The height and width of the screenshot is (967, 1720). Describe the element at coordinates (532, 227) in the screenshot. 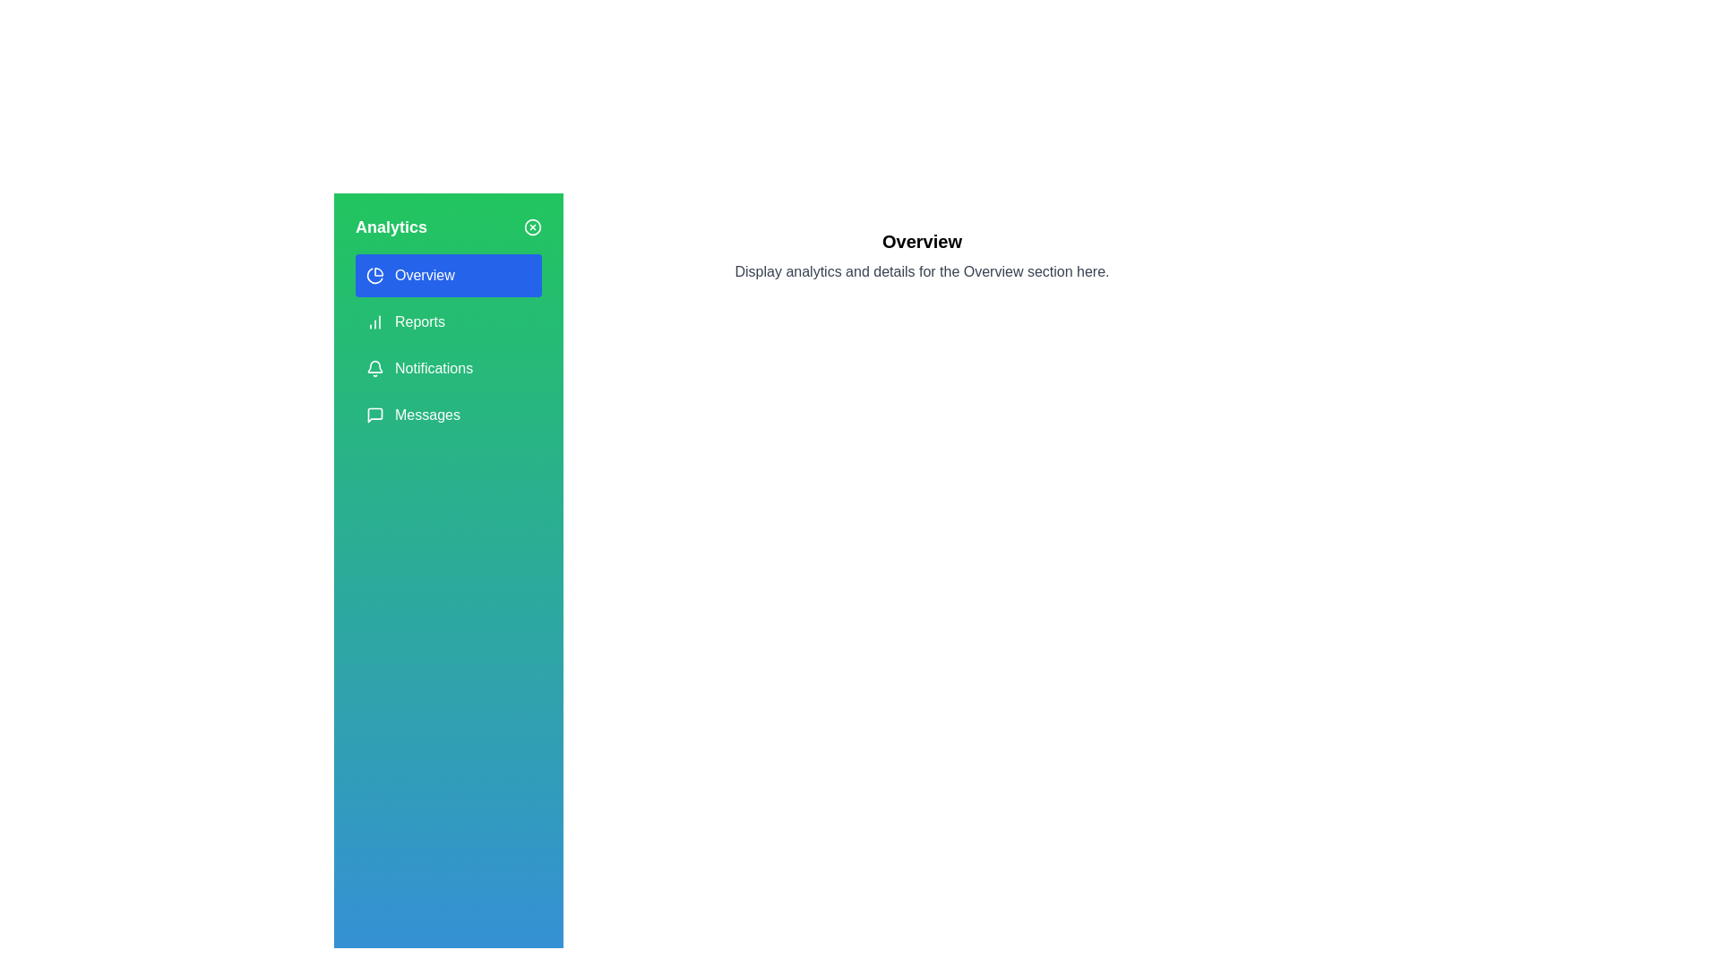

I see `toggle button to close the drawer` at that location.